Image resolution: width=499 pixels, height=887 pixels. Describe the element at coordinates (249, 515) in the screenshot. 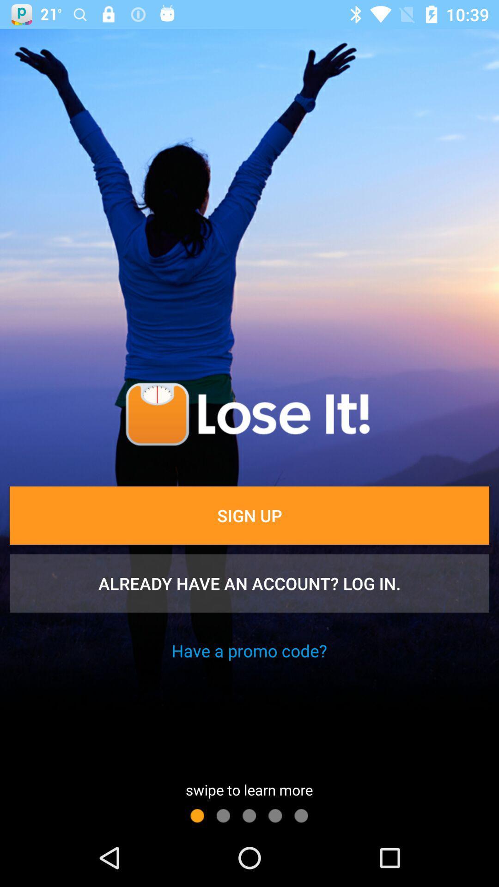

I see `the sign up item` at that location.